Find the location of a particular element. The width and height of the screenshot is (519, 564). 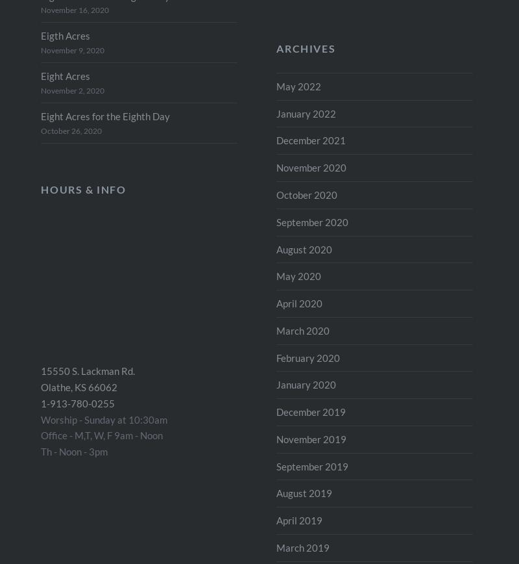

'April 2020' is located at coordinates (298, 302).